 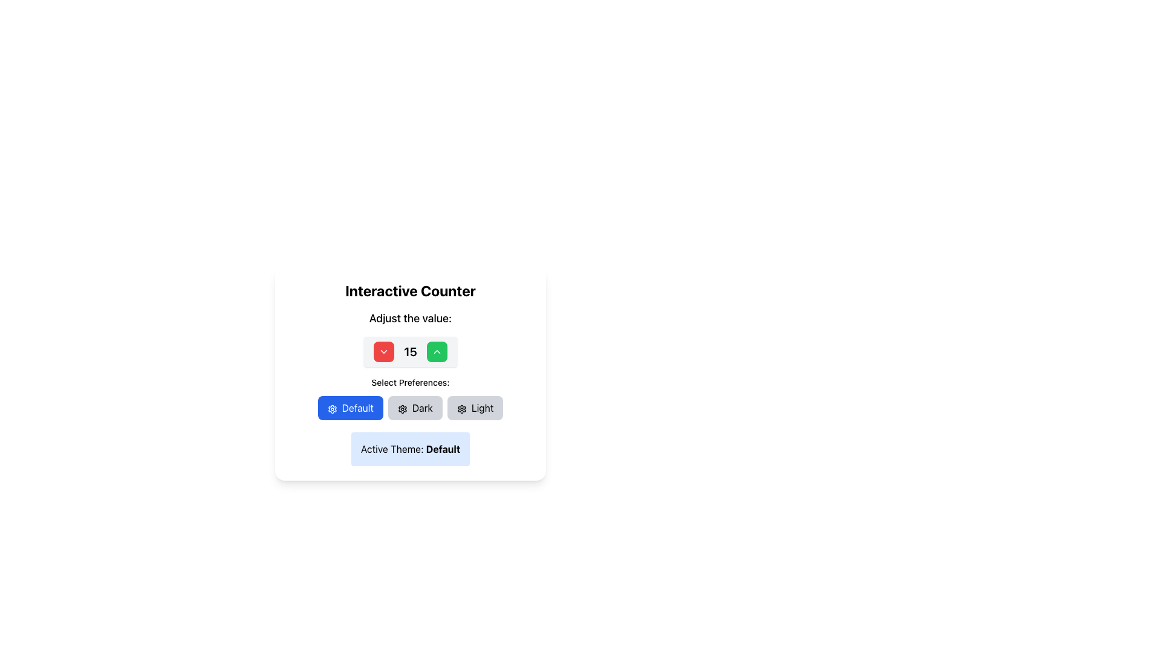 What do you see at coordinates (350, 408) in the screenshot?
I see `the blue button labeled 'Default' with a gear icon` at bounding box center [350, 408].